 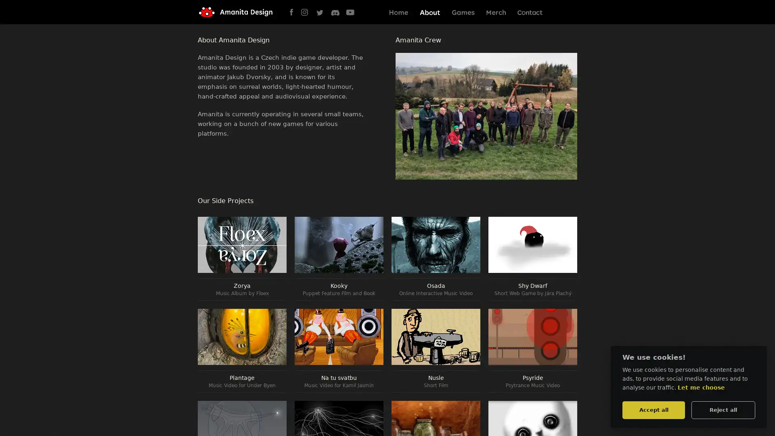 I want to click on Accept all, so click(x=653, y=409).